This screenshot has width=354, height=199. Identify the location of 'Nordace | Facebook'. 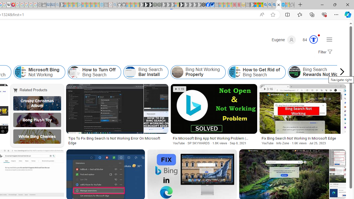
(207, 5).